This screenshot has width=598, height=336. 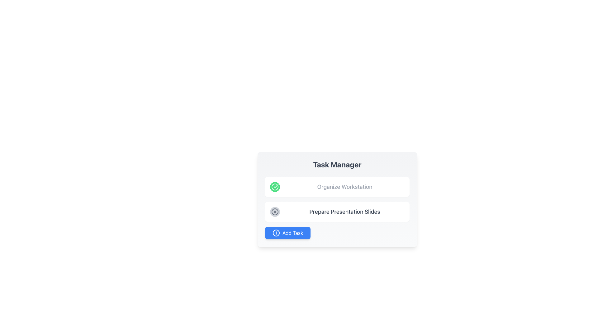 What do you see at coordinates (344, 212) in the screenshot?
I see `the text label displaying 'Prepare Presentation Slides', which is styled in a medium-sized, sans-serif font with a grayish color tone, positioned within a task card` at bounding box center [344, 212].